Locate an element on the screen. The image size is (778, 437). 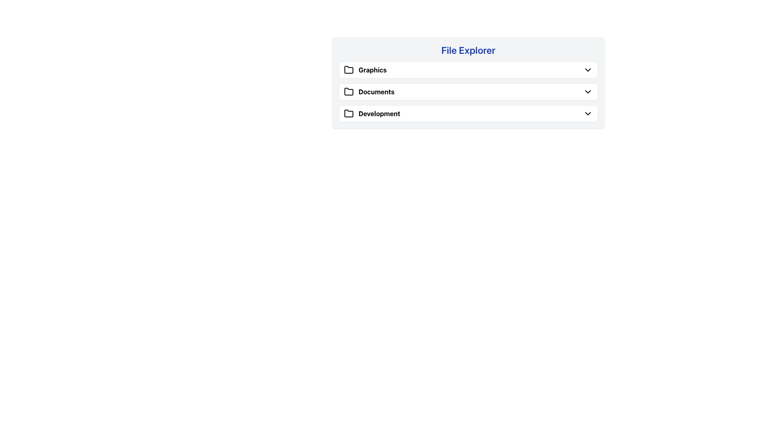
the black folder icon located before the text label 'Development' in the navigation list is located at coordinates (348, 114).